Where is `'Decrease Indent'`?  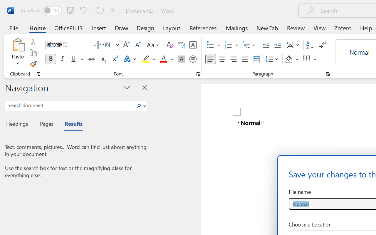
'Decrease Indent' is located at coordinates (266, 45).